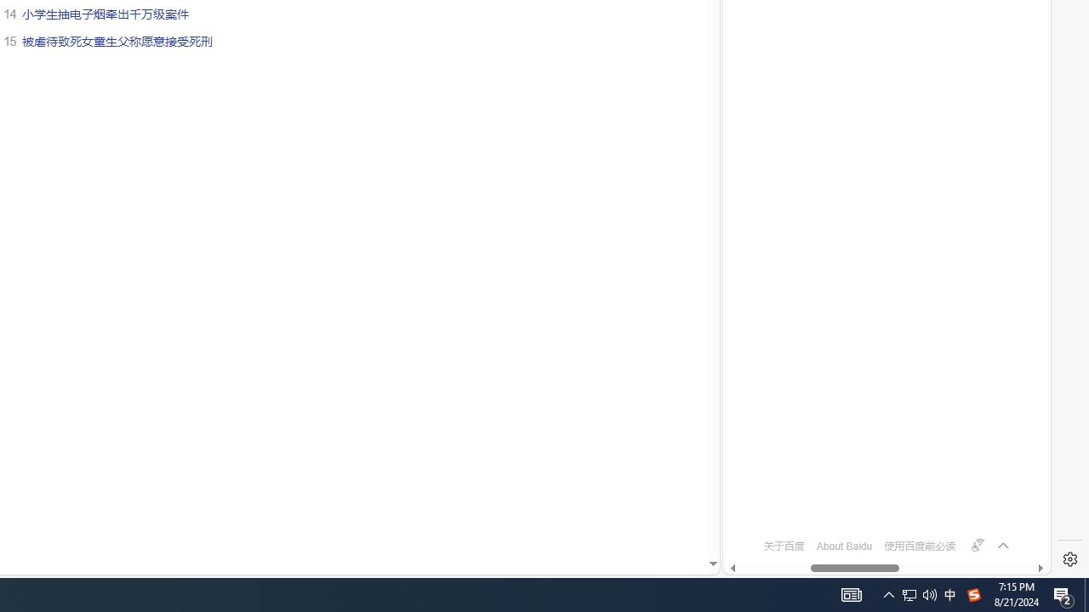  What do you see at coordinates (880, 498) in the screenshot?
I see `'OFTV'` at bounding box center [880, 498].